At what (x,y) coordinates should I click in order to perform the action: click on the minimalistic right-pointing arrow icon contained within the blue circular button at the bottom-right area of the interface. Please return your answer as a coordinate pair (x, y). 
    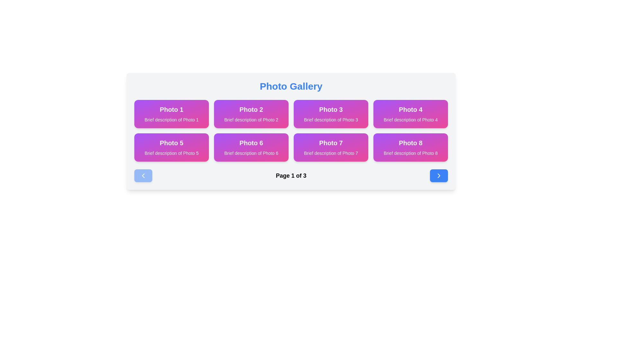
    Looking at the image, I should click on (439, 176).